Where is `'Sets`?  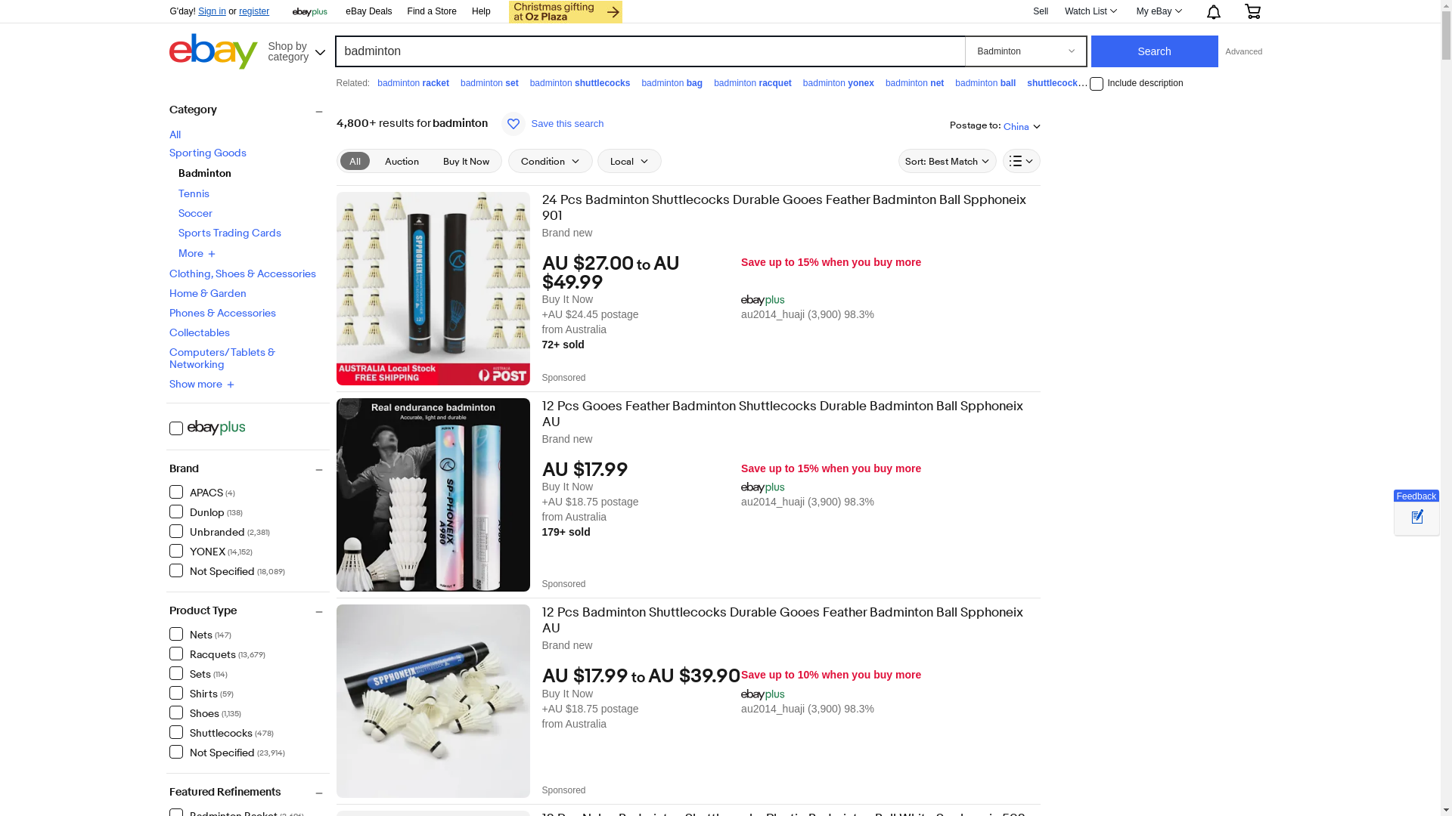 'Sets is located at coordinates (197, 672).